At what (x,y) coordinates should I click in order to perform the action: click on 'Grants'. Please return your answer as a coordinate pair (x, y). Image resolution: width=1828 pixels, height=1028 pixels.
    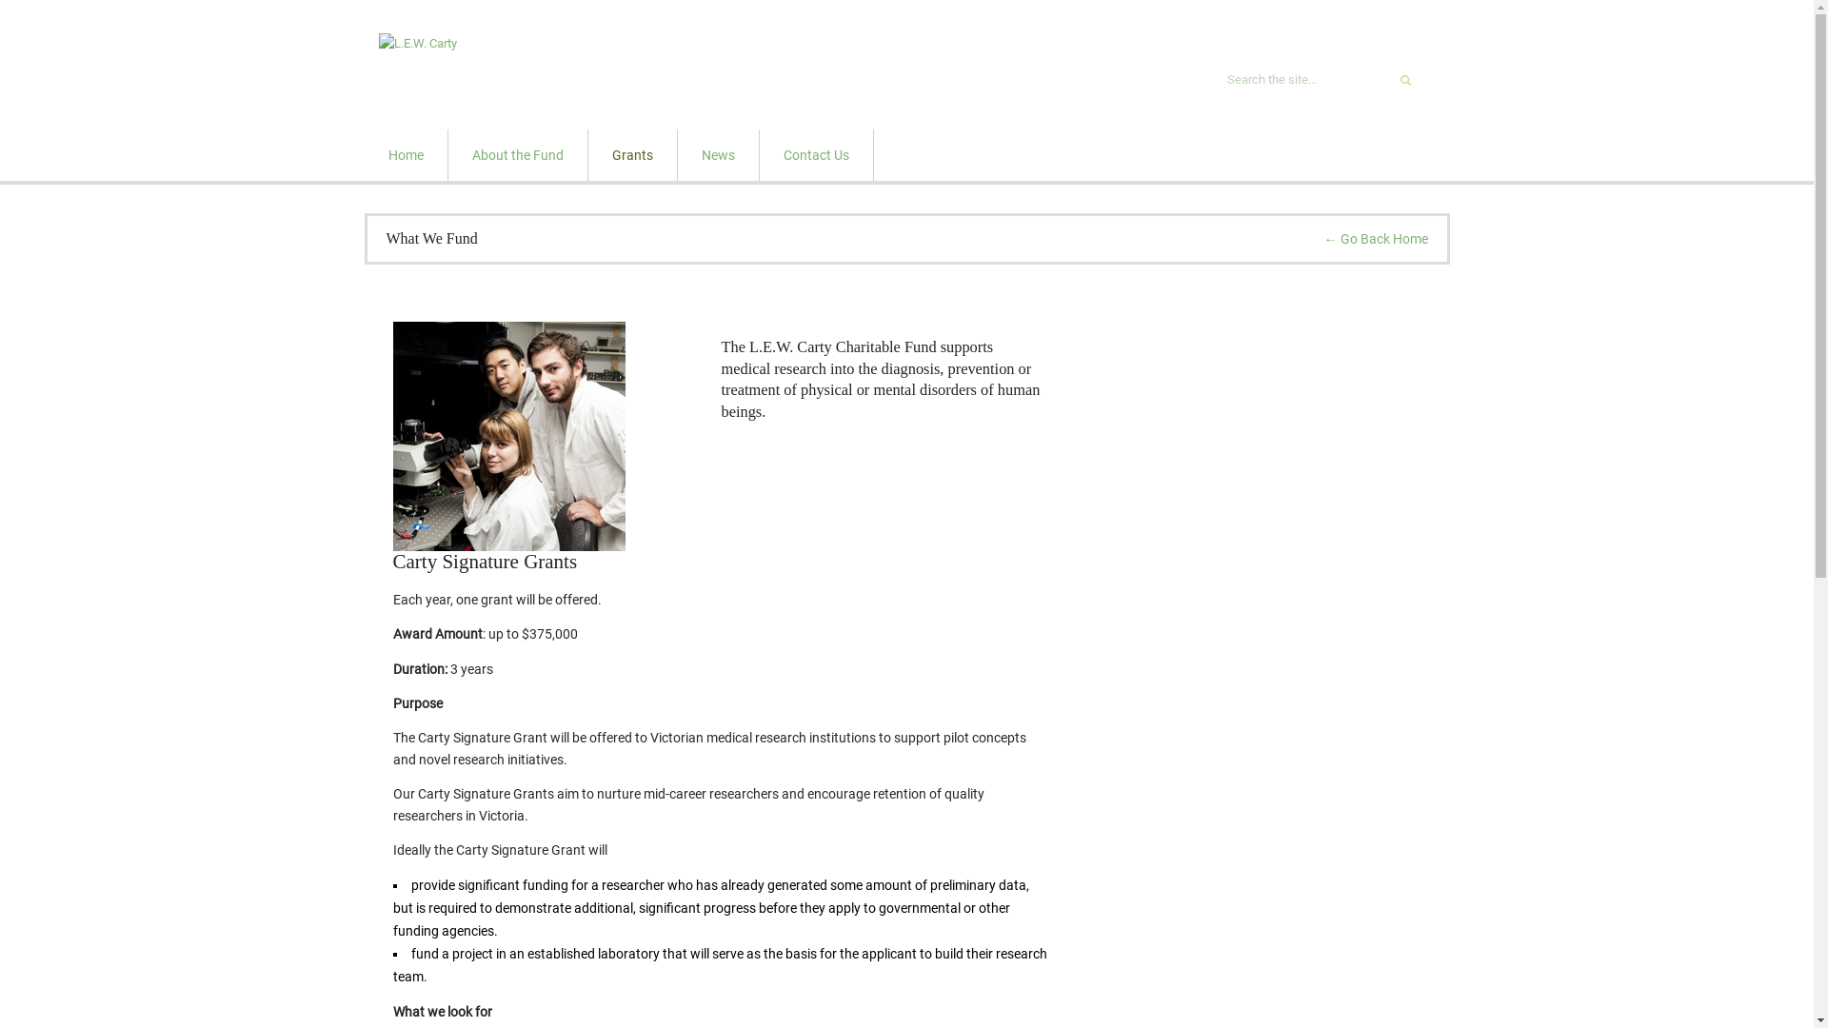
    Looking at the image, I should click on (631, 153).